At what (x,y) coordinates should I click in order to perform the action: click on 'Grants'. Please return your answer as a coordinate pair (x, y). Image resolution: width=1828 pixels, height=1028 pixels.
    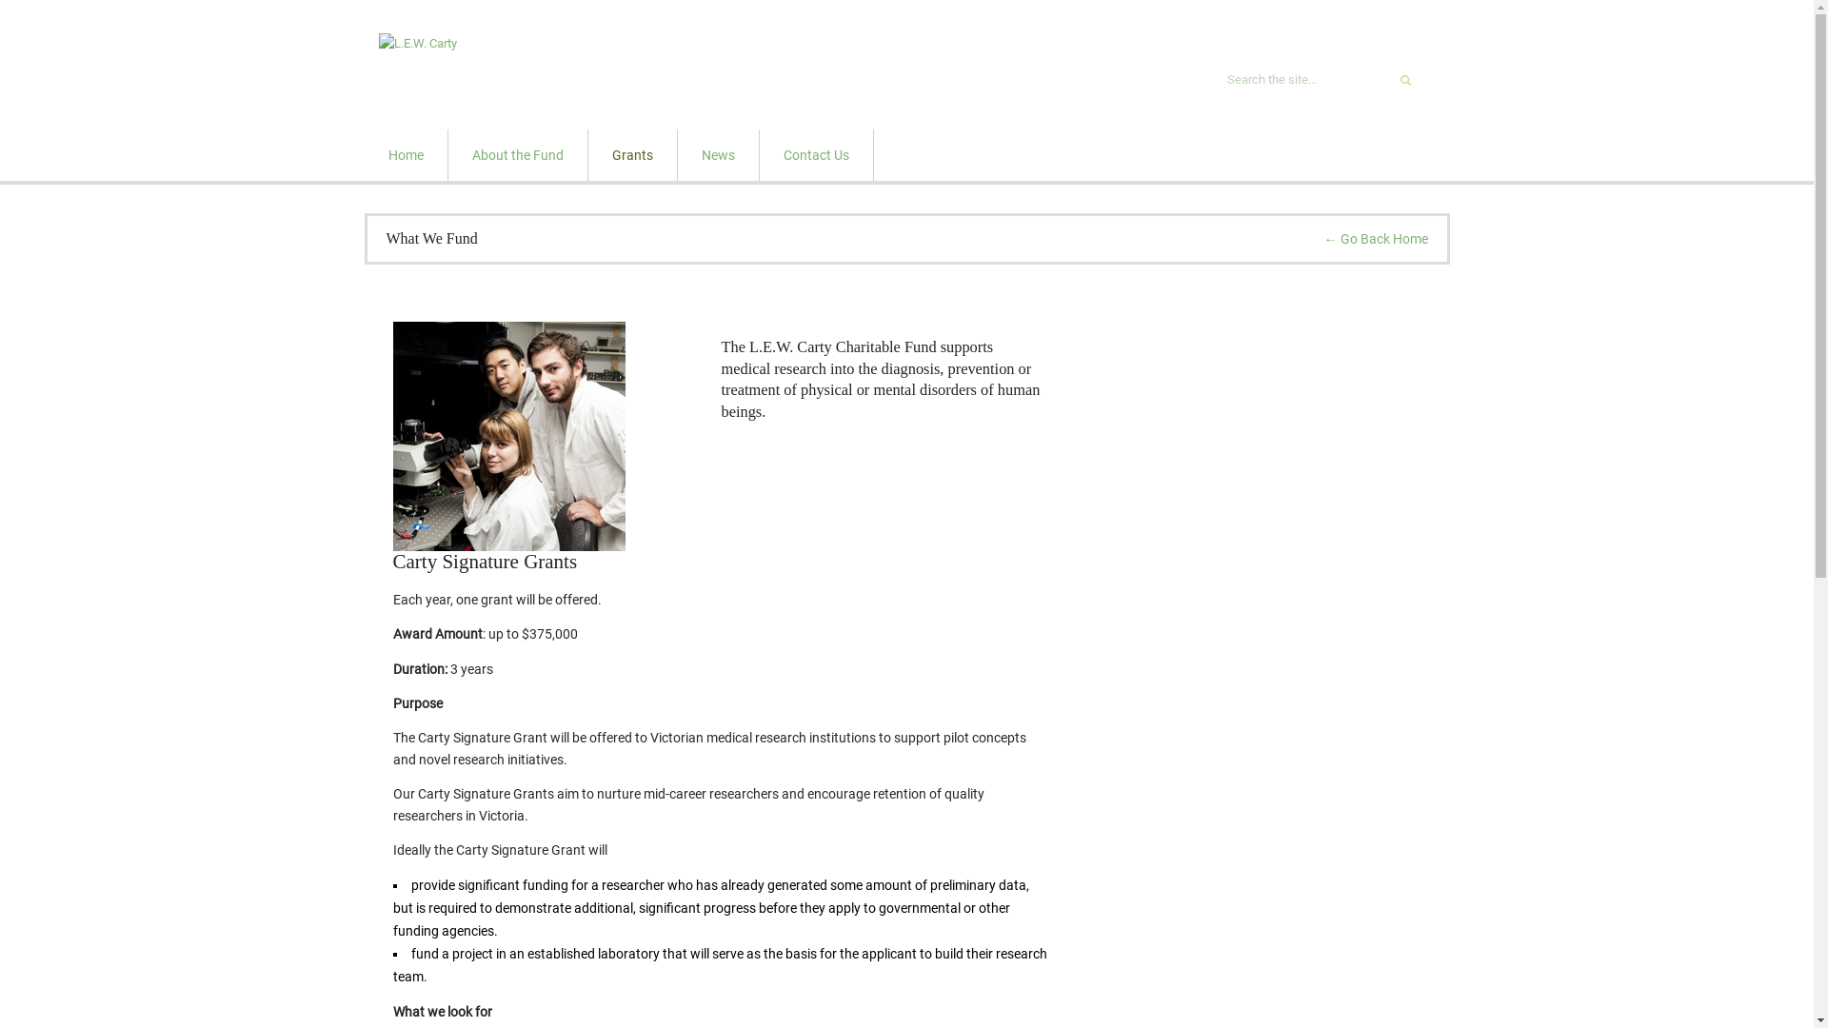
    Looking at the image, I should click on (631, 153).